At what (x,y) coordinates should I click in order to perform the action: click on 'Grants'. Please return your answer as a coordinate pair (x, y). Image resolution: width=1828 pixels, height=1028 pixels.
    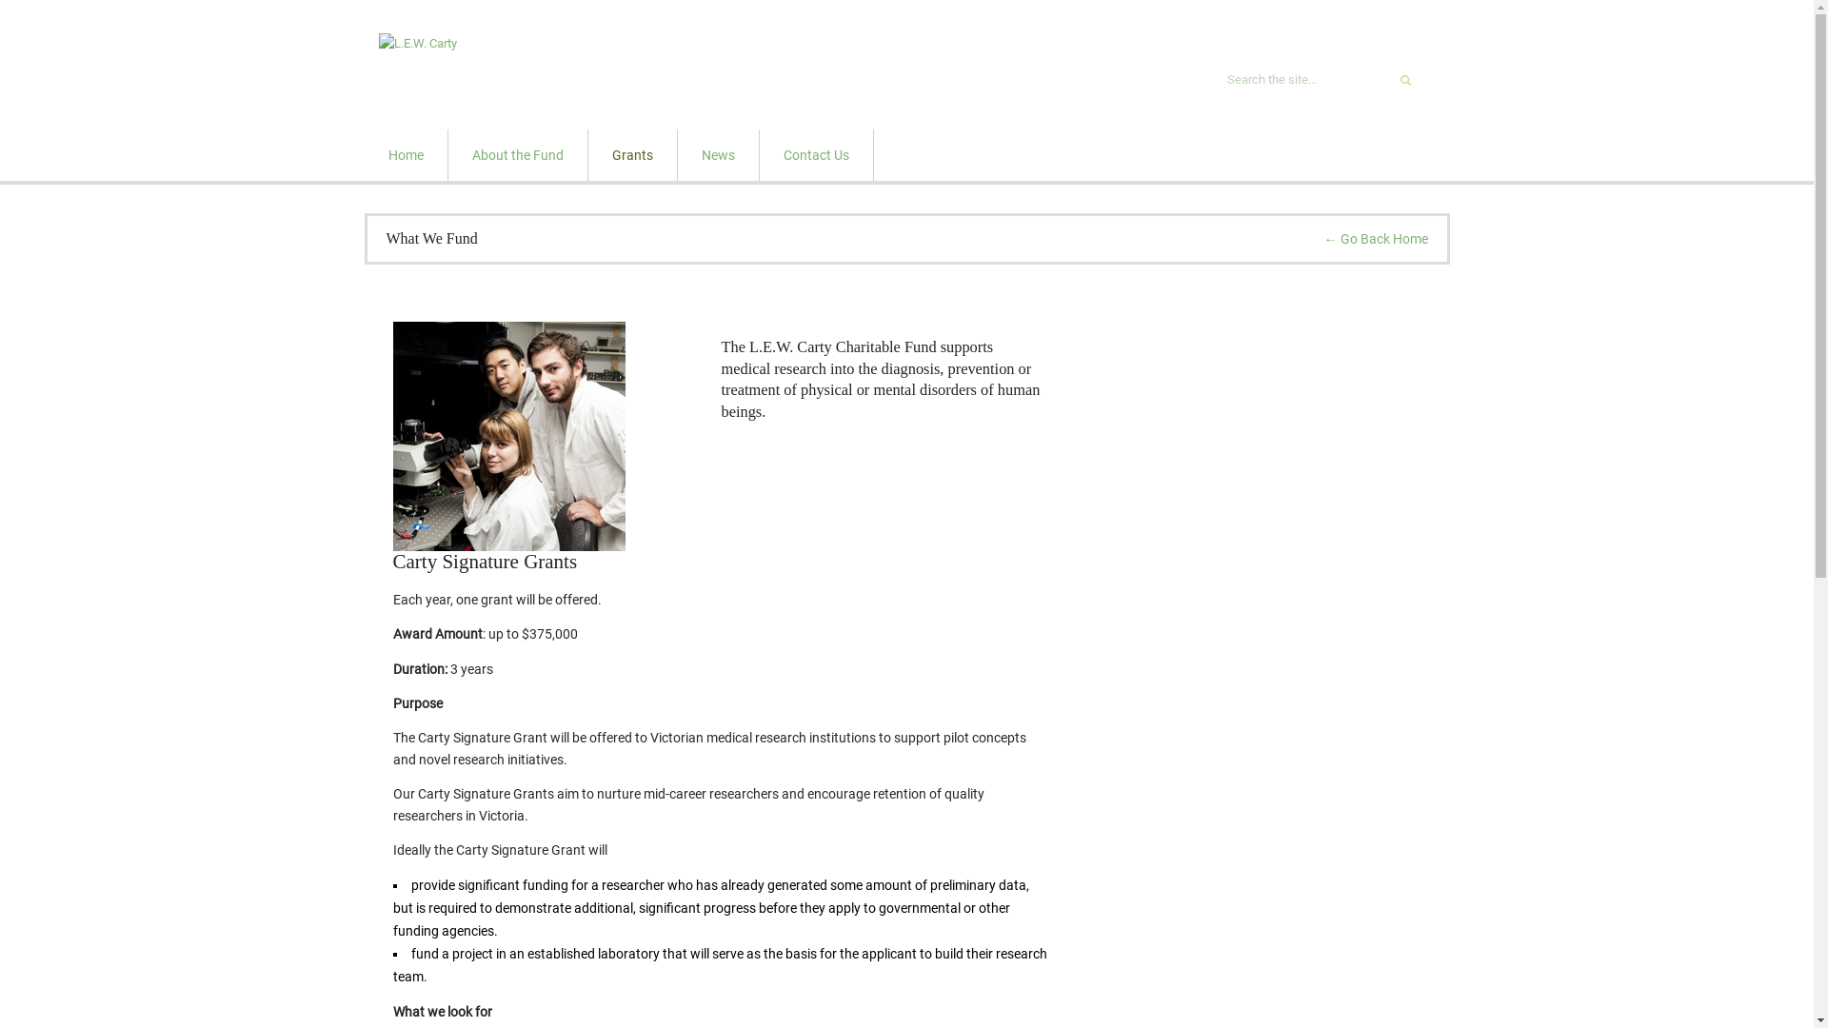
    Looking at the image, I should click on (631, 153).